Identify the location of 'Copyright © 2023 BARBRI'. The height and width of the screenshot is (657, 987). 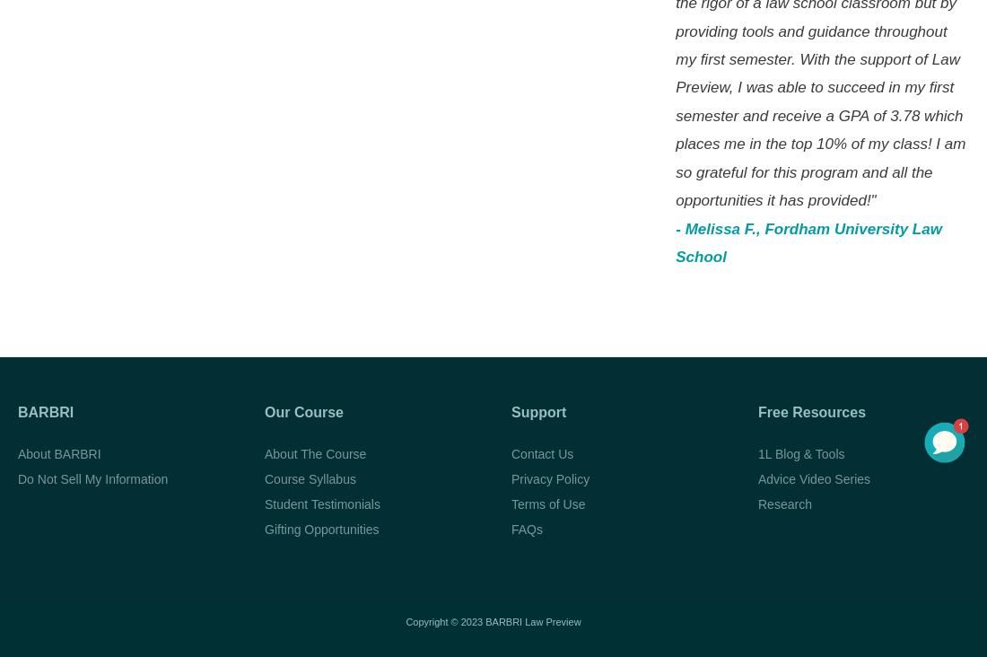
(404, 621).